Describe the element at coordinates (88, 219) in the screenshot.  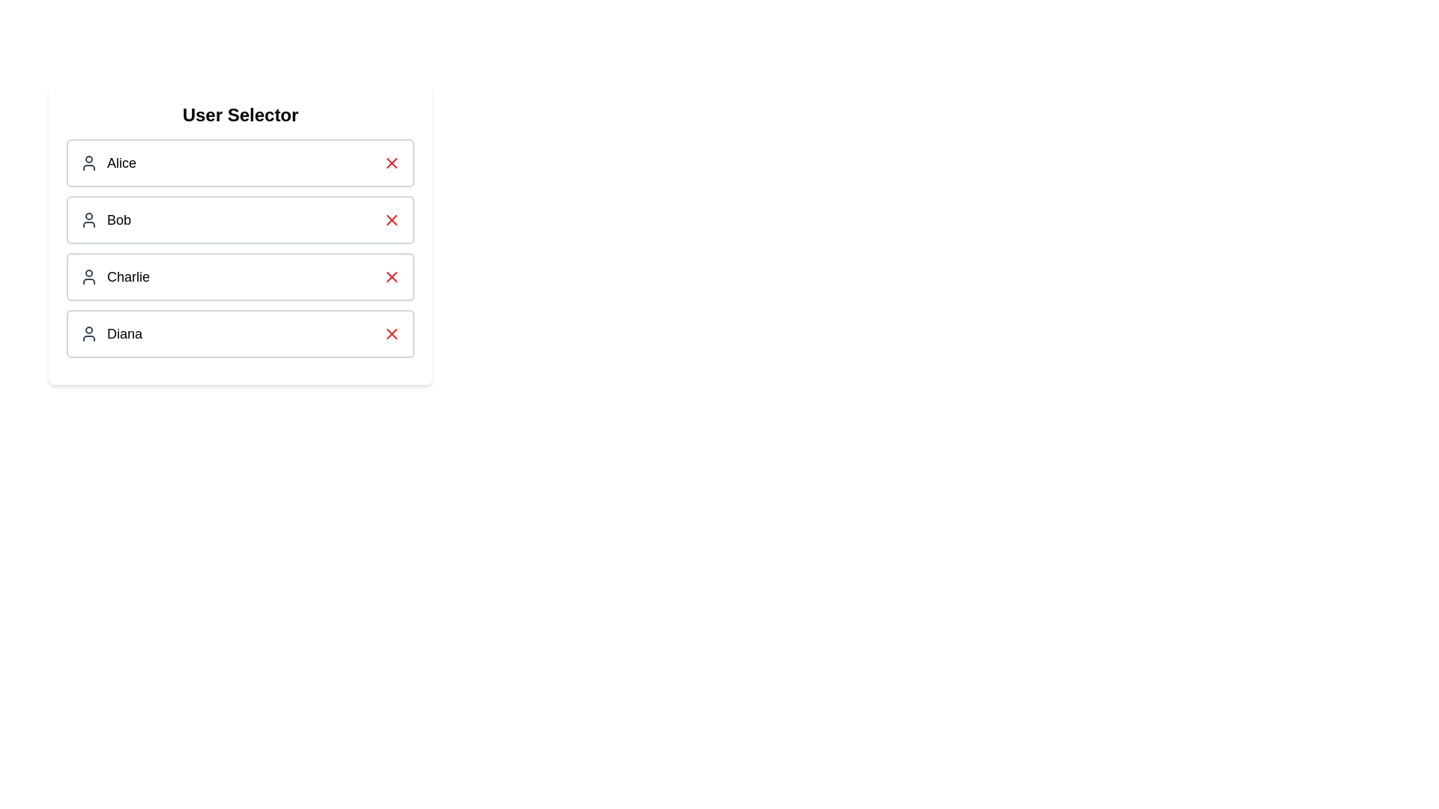
I see `the user Bob by clicking on their icon` at that location.